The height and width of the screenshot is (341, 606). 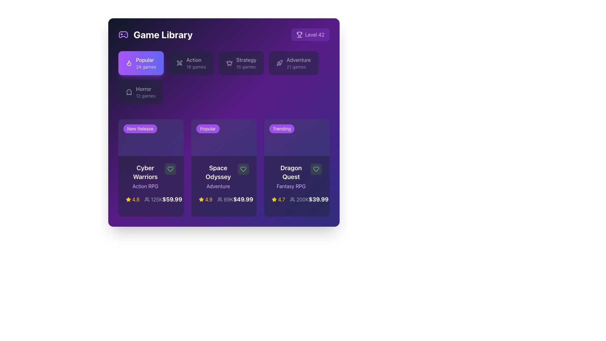 I want to click on text information from the 'Space Odyssey' element, which features a bold white title and a lighter purple subtitle, located in the second card of game listings, so click(x=224, y=177).